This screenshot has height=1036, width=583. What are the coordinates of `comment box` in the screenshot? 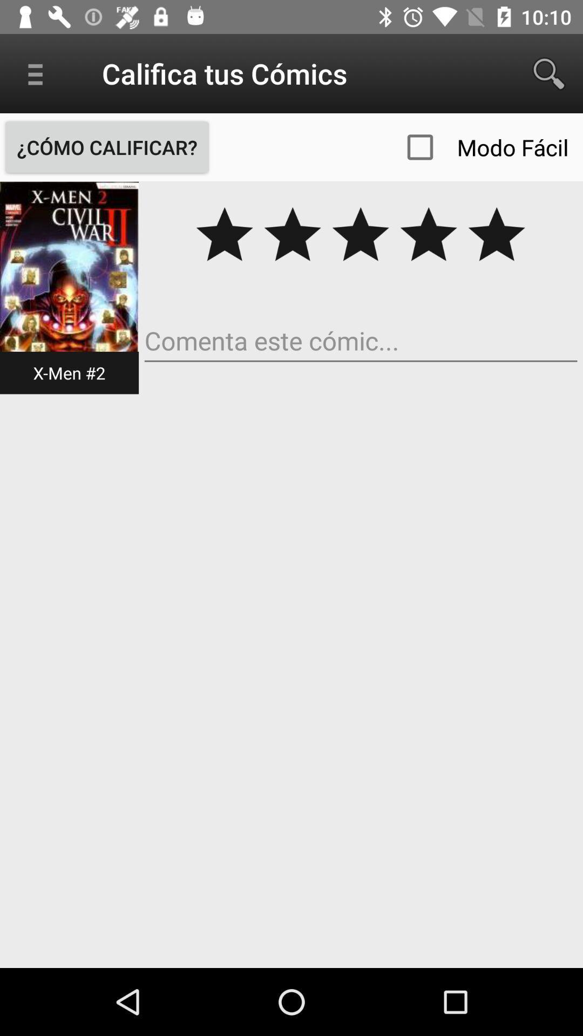 It's located at (361, 340).